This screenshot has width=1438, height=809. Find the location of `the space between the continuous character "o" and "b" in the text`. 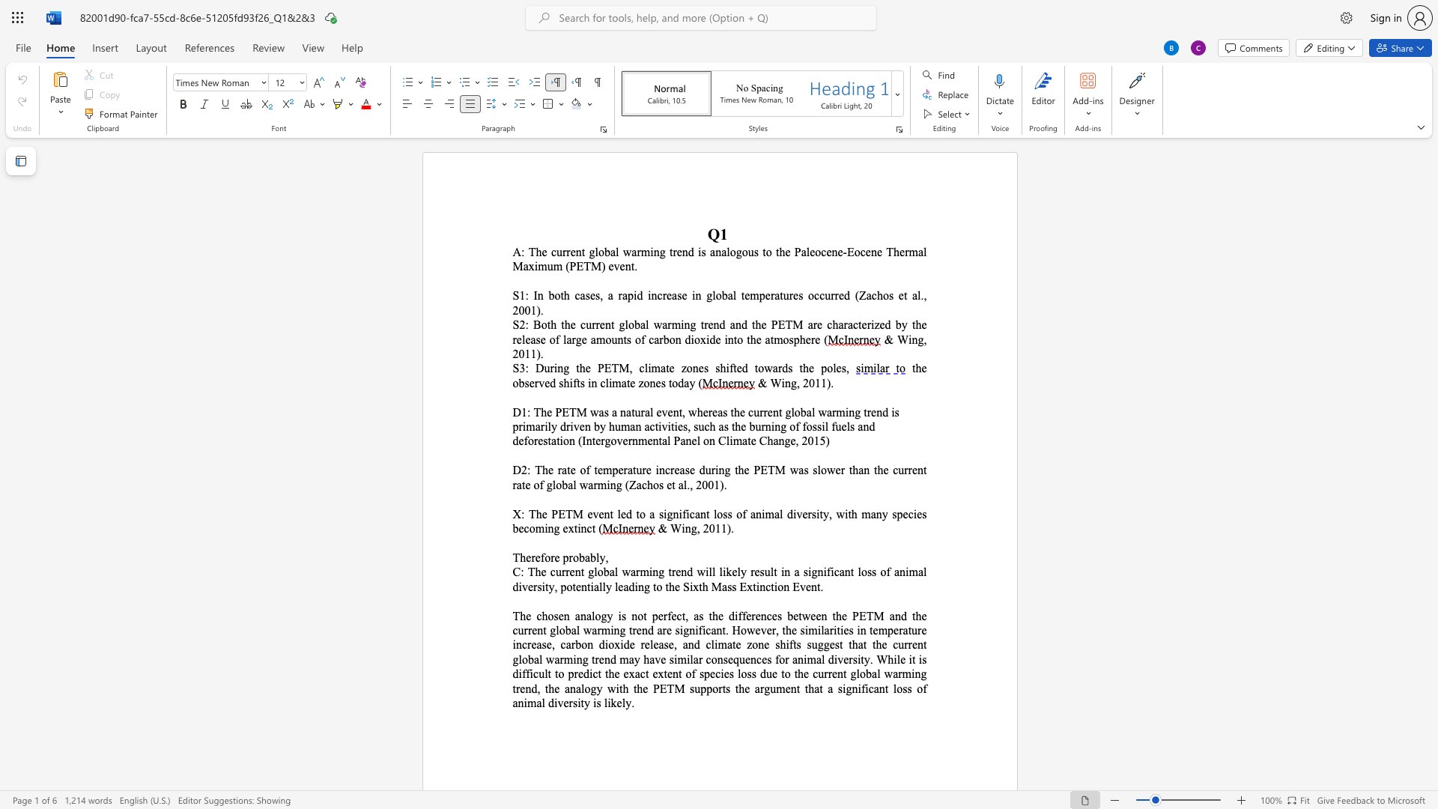

the space between the continuous character "o" and "b" in the text is located at coordinates (518, 382).